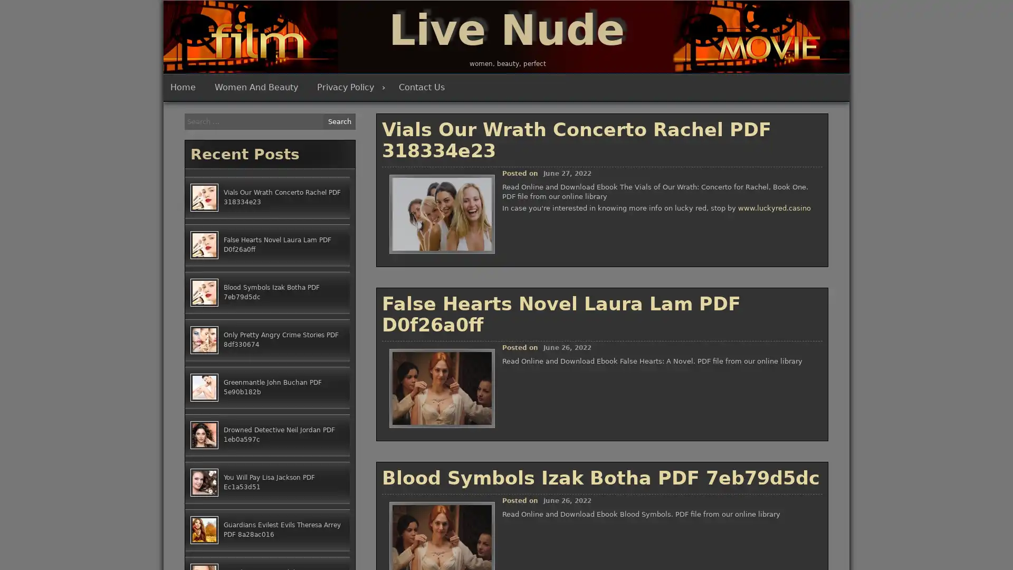  I want to click on Search, so click(339, 121).